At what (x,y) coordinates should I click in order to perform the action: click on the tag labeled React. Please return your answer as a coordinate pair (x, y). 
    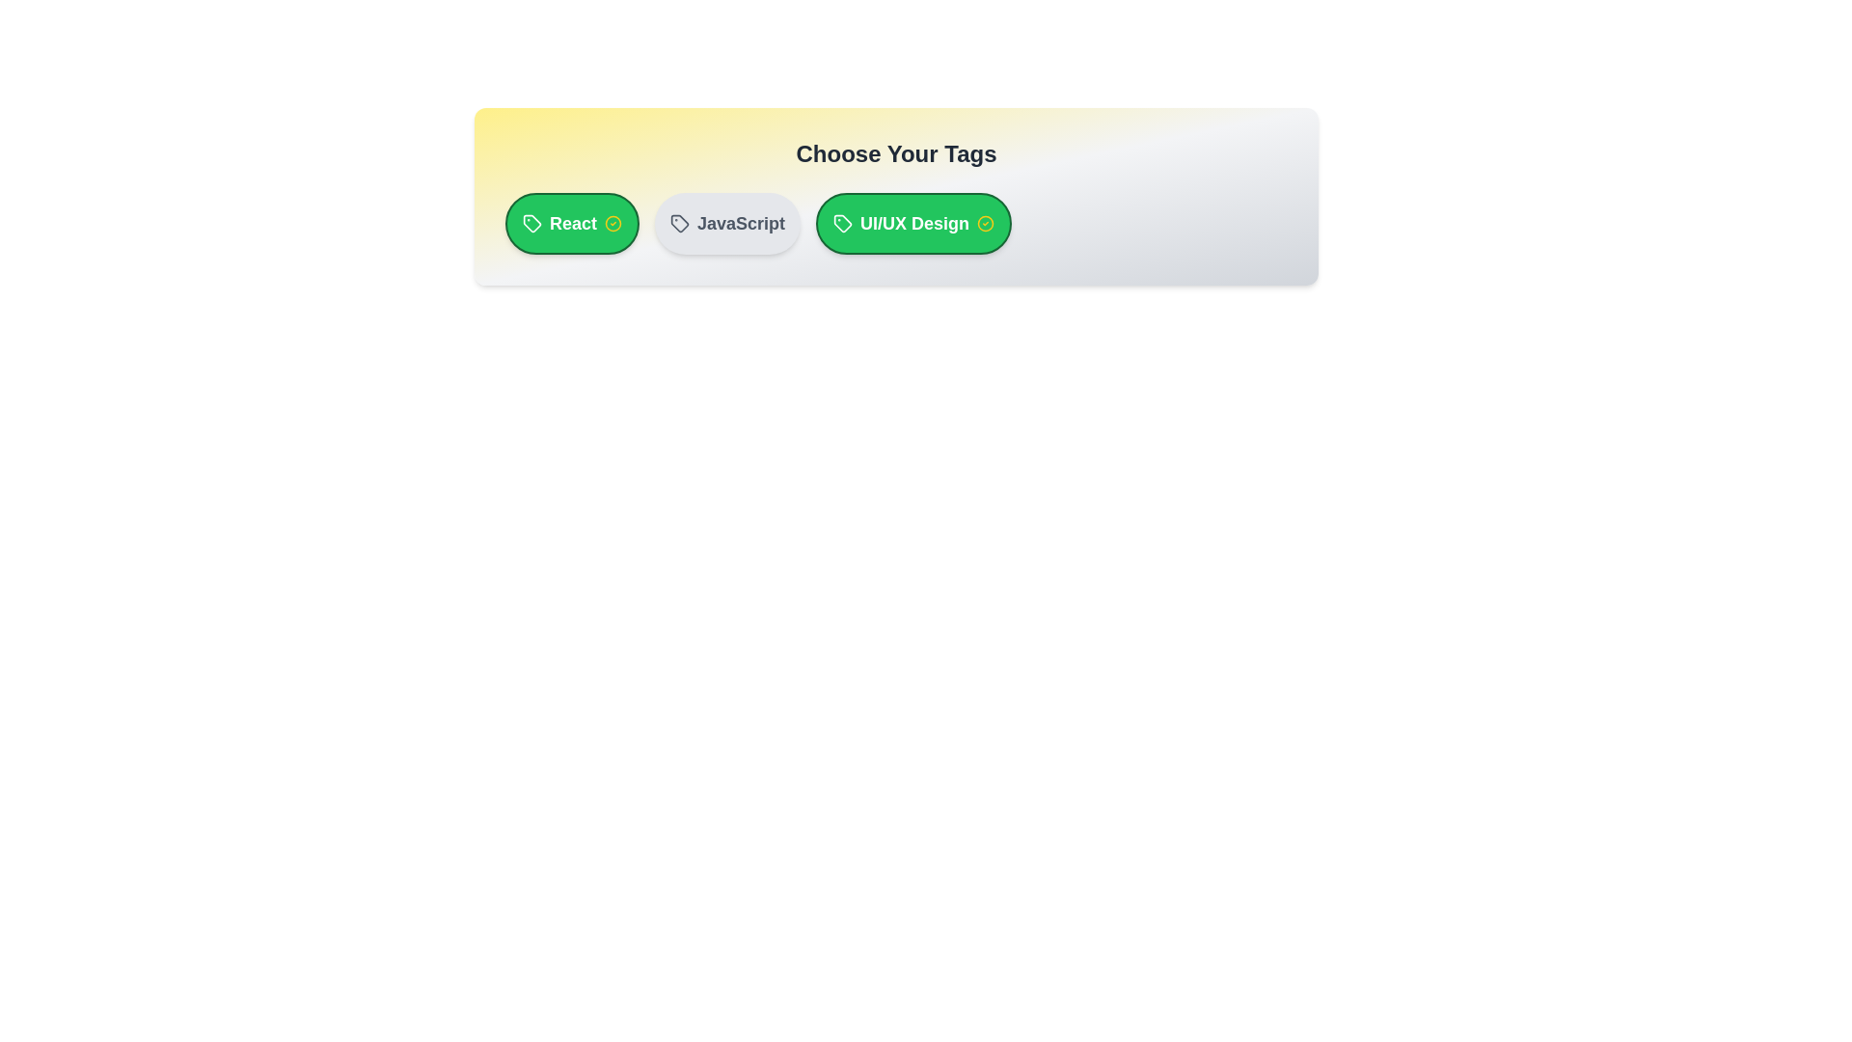
    Looking at the image, I should click on (571, 222).